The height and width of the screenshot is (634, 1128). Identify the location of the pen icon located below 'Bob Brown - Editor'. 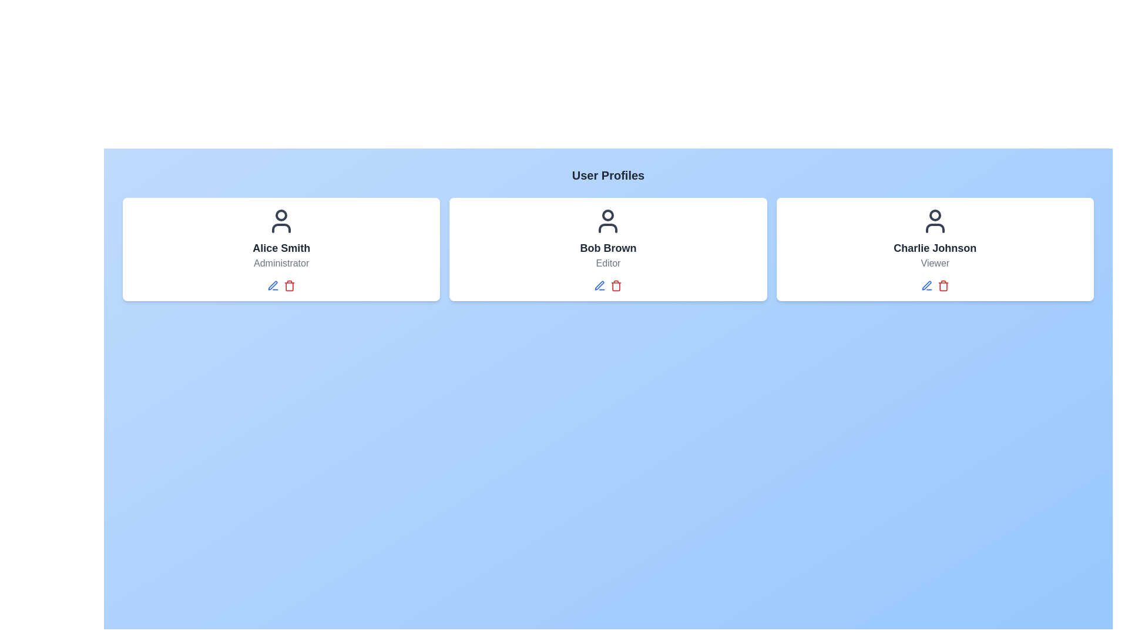
(600, 285).